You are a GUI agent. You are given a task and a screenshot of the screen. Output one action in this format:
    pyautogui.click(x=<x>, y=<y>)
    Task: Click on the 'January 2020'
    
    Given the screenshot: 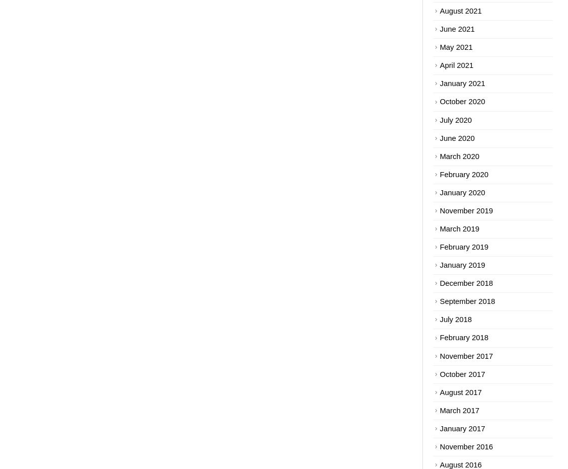 What is the action you would take?
    pyautogui.click(x=461, y=192)
    